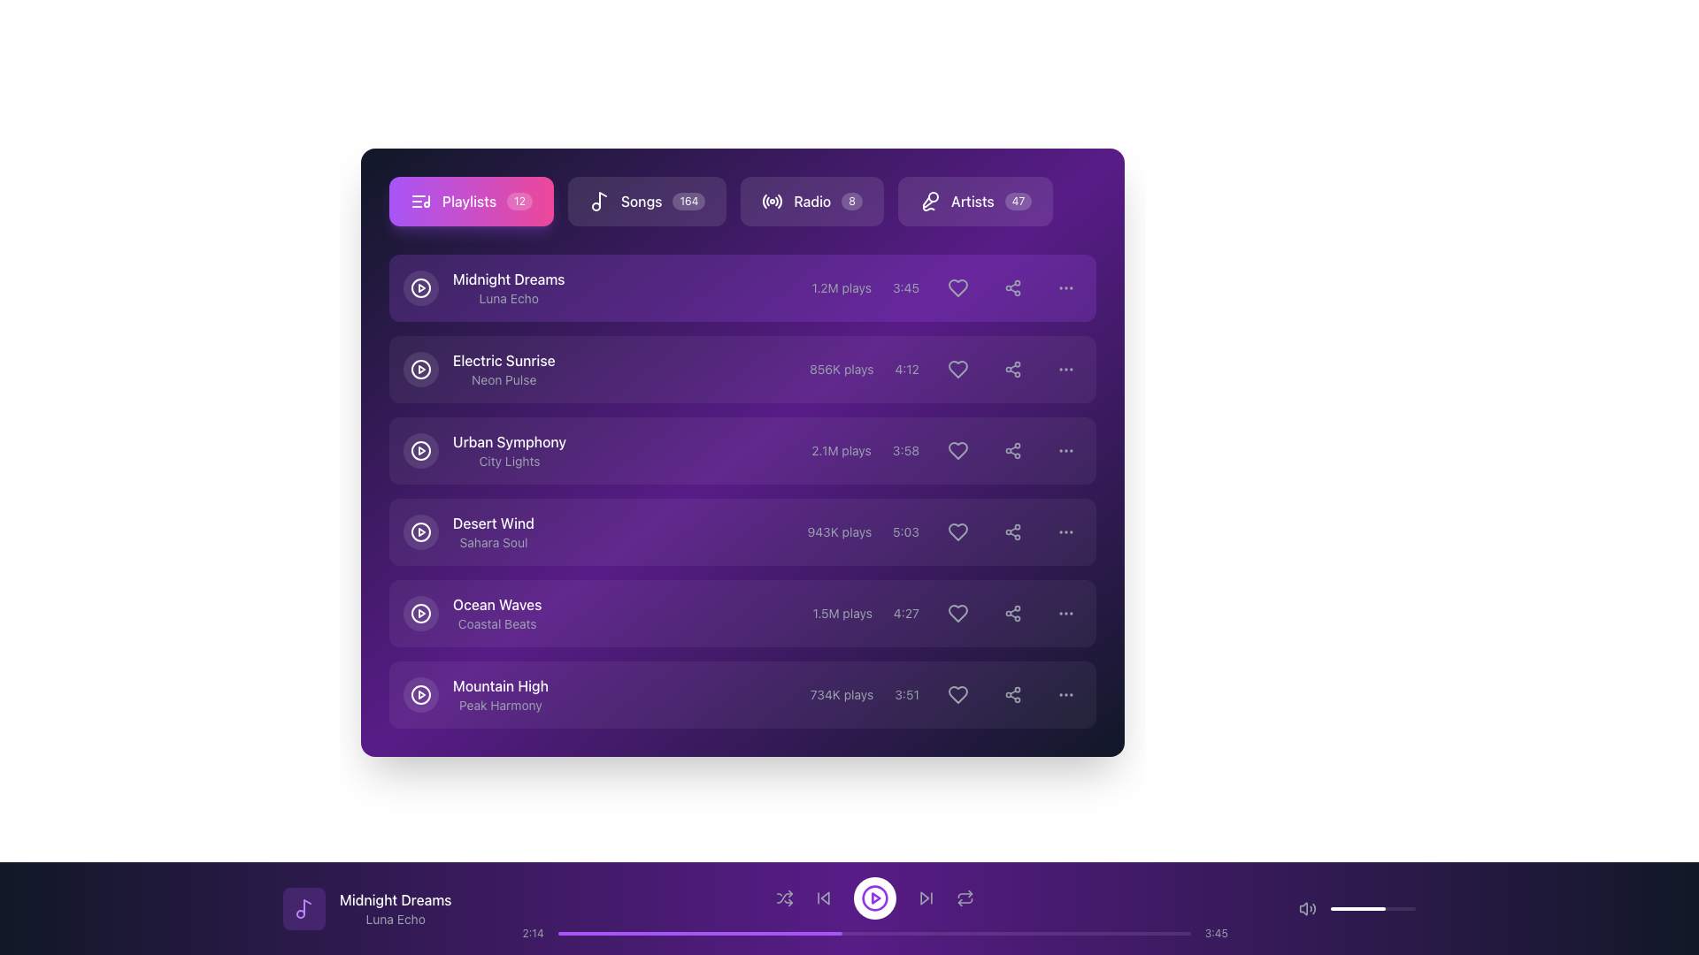  Describe the element at coordinates (1065, 694) in the screenshot. I see `the ellipsis icon` at that location.